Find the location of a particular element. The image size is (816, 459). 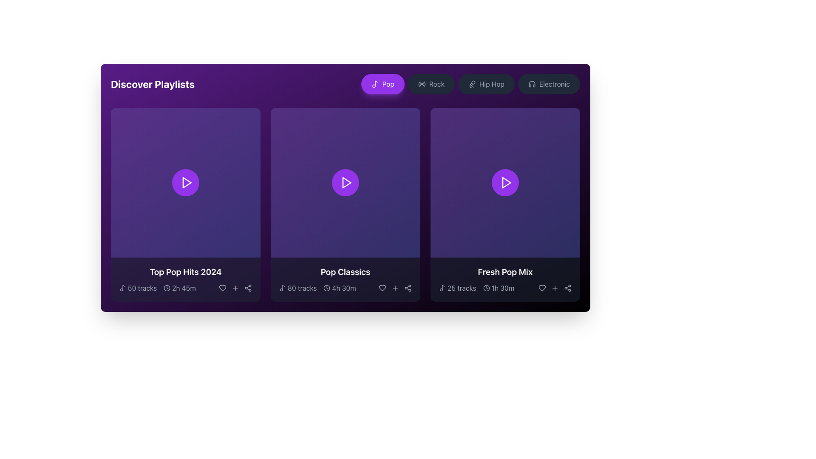

the duration icon of the 'Fresh Pop Mix' playlist, which is located in the third panel of the playlist cards, specifically in the duration information section is located at coordinates (499, 288).